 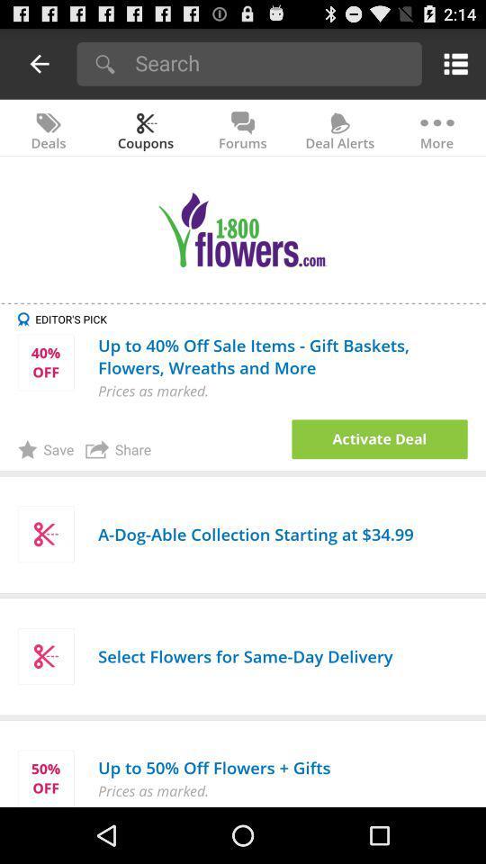 What do you see at coordinates (255, 534) in the screenshot?
I see `the a dog able` at bounding box center [255, 534].